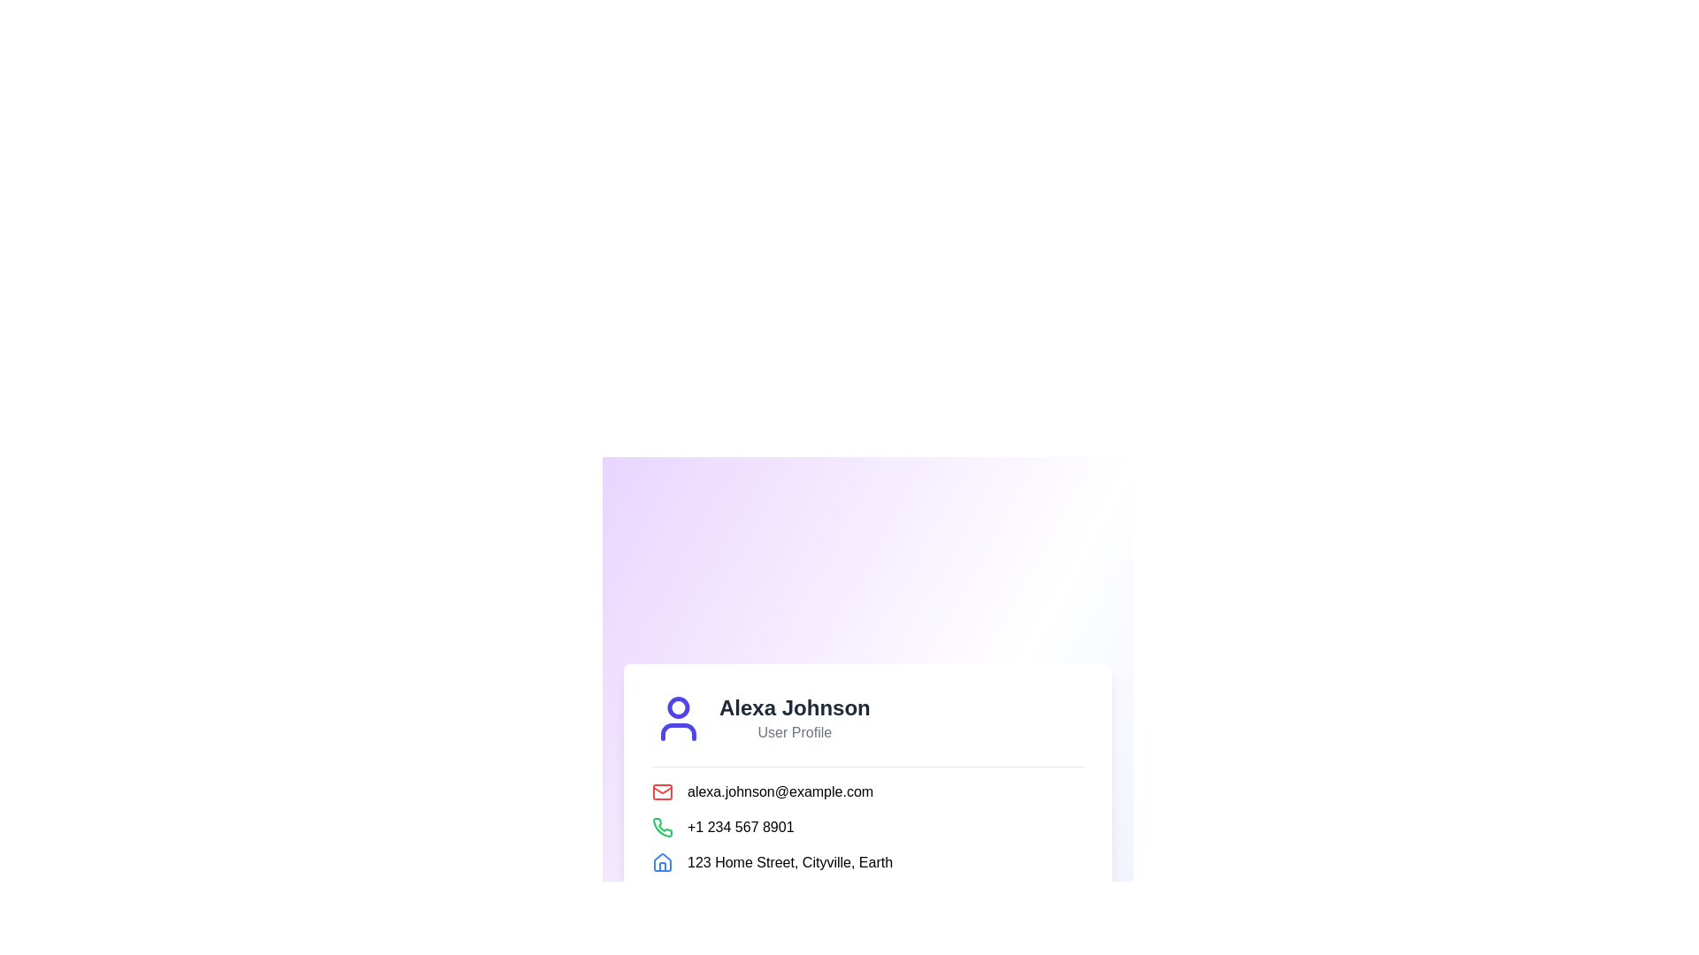 The width and height of the screenshot is (1699, 955). Describe the element at coordinates (867, 911) in the screenshot. I see `the button that toggles the visibility of additional user details` at that location.